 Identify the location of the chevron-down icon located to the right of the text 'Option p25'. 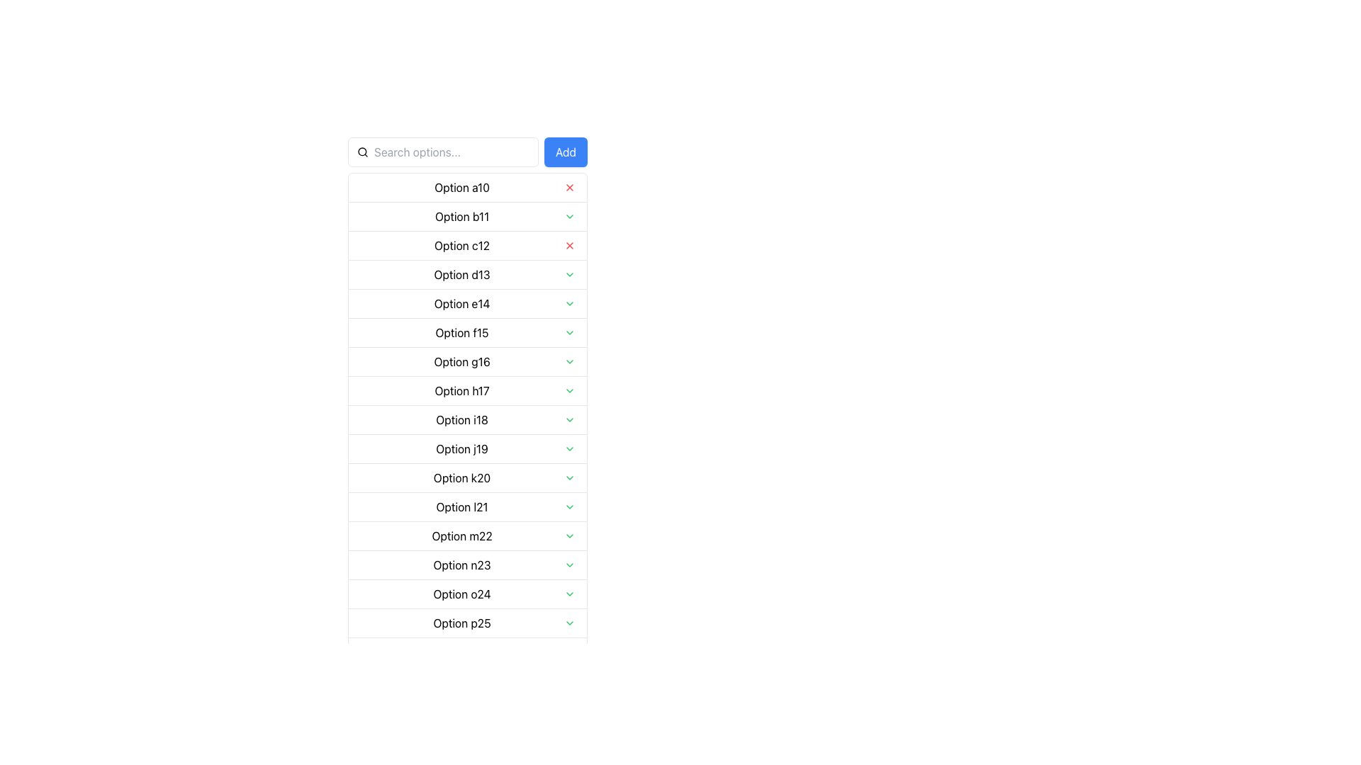
(570, 622).